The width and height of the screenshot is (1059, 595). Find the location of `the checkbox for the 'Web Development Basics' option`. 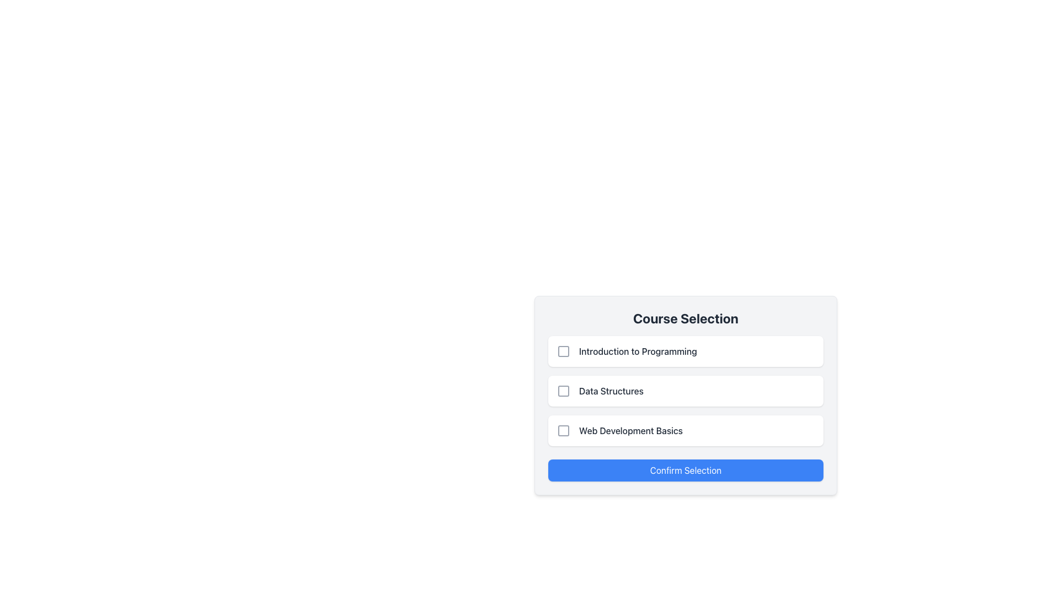

the checkbox for the 'Web Development Basics' option is located at coordinates (564, 430).